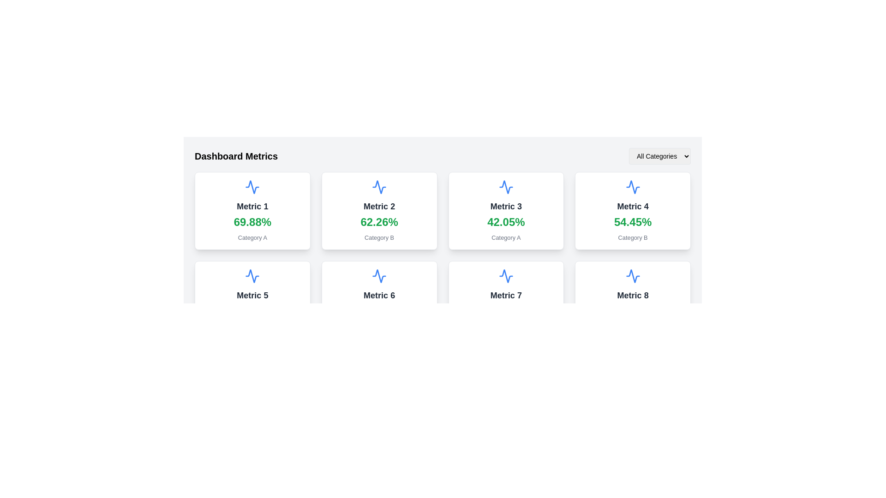 This screenshot has width=886, height=498. What do you see at coordinates (379, 276) in the screenshot?
I see `the blue wave or pulse icon within the card labeled 'Metric 6', which is located in the second row and second column of the grid layout` at bounding box center [379, 276].